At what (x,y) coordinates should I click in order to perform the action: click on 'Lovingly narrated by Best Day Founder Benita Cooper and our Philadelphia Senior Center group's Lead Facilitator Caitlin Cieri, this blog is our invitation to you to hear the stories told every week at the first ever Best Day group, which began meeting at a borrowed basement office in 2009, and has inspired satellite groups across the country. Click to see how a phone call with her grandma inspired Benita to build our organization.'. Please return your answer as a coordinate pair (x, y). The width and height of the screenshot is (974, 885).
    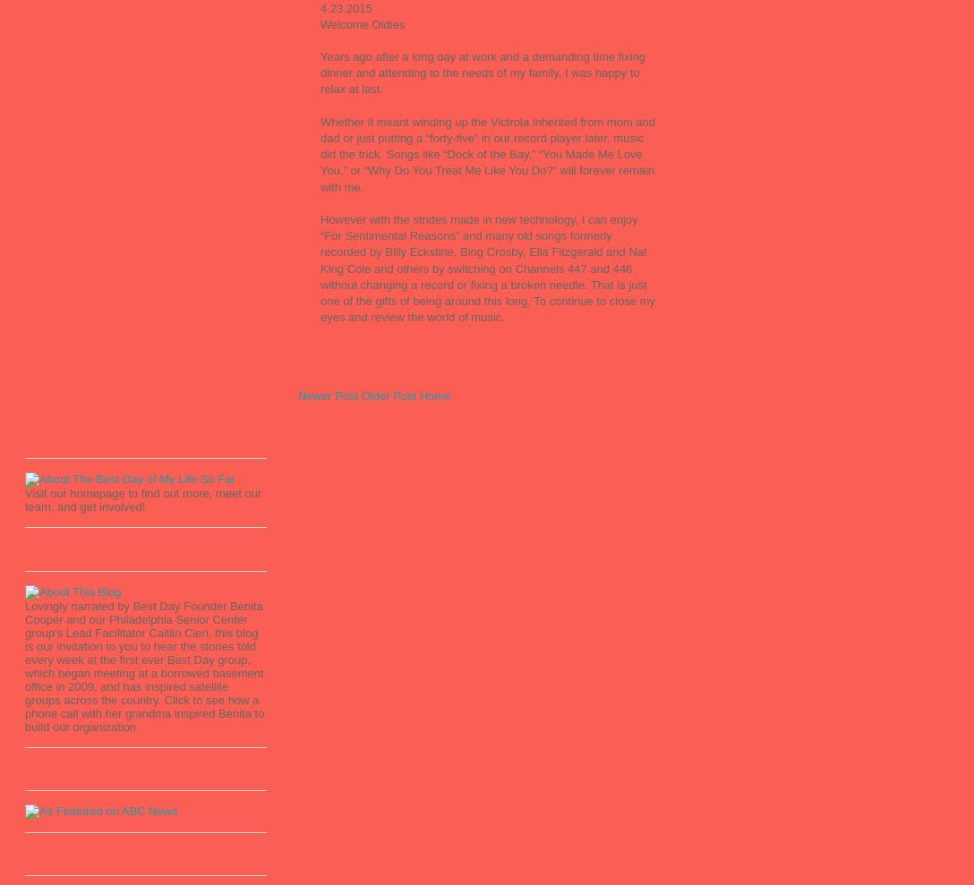
    Looking at the image, I should click on (143, 666).